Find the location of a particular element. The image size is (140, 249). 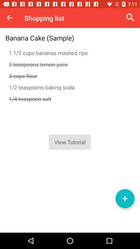

a list is located at coordinates (125, 198).